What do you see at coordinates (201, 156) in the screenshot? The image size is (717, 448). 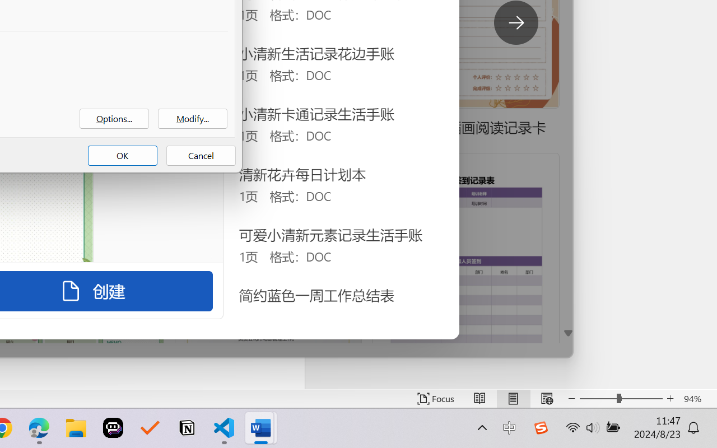 I see `'Cancel'` at bounding box center [201, 156].